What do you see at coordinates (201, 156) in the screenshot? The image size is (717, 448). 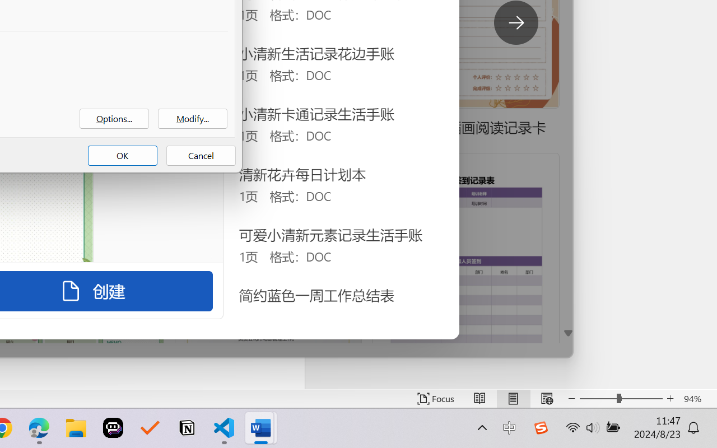 I see `'Cancel'` at bounding box center [201, 156].